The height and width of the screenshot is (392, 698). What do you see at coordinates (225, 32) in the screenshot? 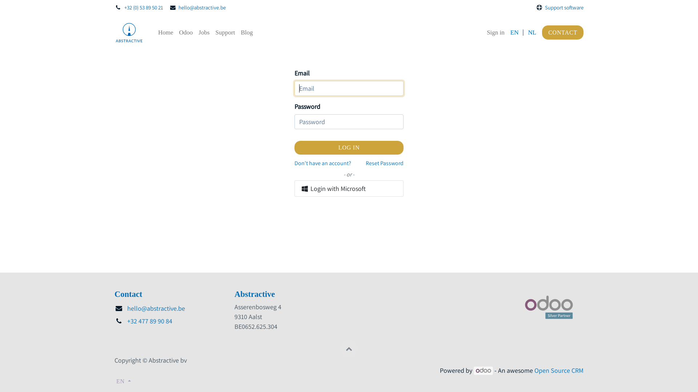
I see `'Support'` at bounding box center [225, 32].